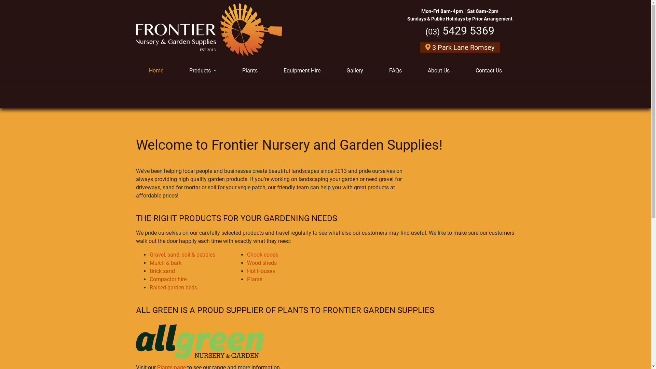 The width and height of the screenshot is (656, 369). Describe the element at coordinates (155, 71) in the screenshot. I see `'Home'` at that location.